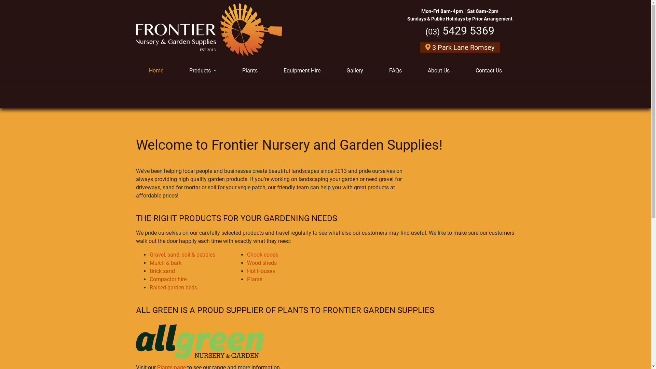 The width and height of the screenshot is (656, 369). Describe the element at coordinates (155, 71) in the screenshot. I see `'Home'` at that location.